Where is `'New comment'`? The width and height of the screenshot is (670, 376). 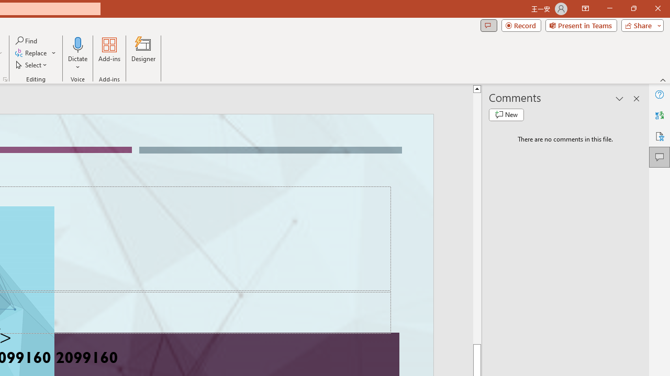 'New comment' is located at coordinates (506, 114).